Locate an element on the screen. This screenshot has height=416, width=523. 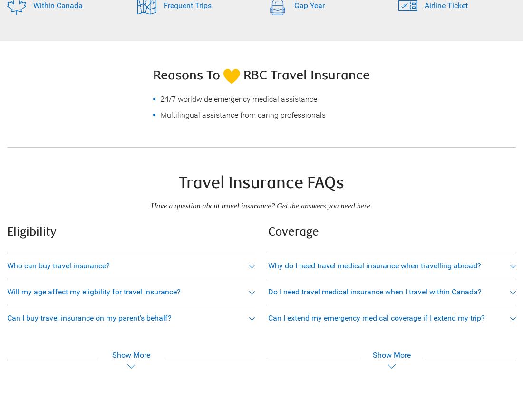
'Coverage' is located at coordinates (267, 231).